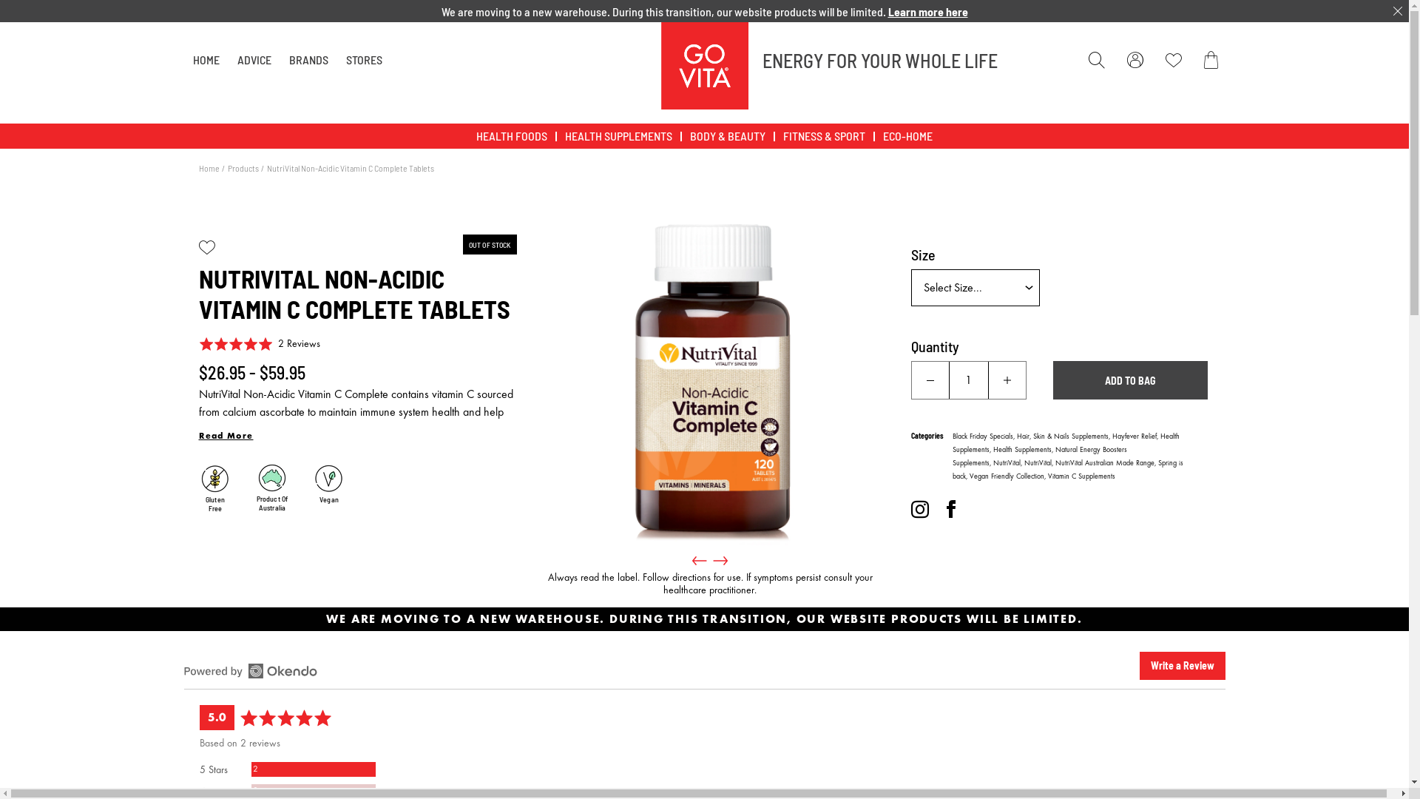 The height and width of the screenshot is (799, 1420). I want to click on 'STORES', so click(364, 59).